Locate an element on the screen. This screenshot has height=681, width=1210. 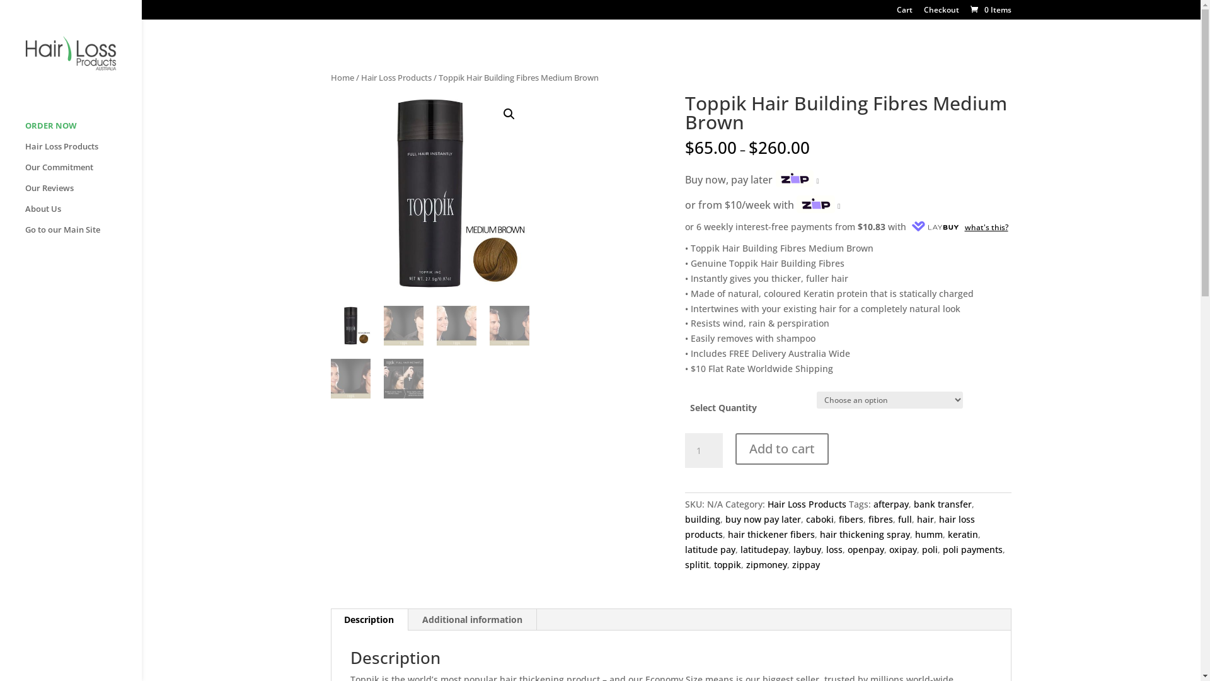
'afterpay' is located at coordinates (890, 503).